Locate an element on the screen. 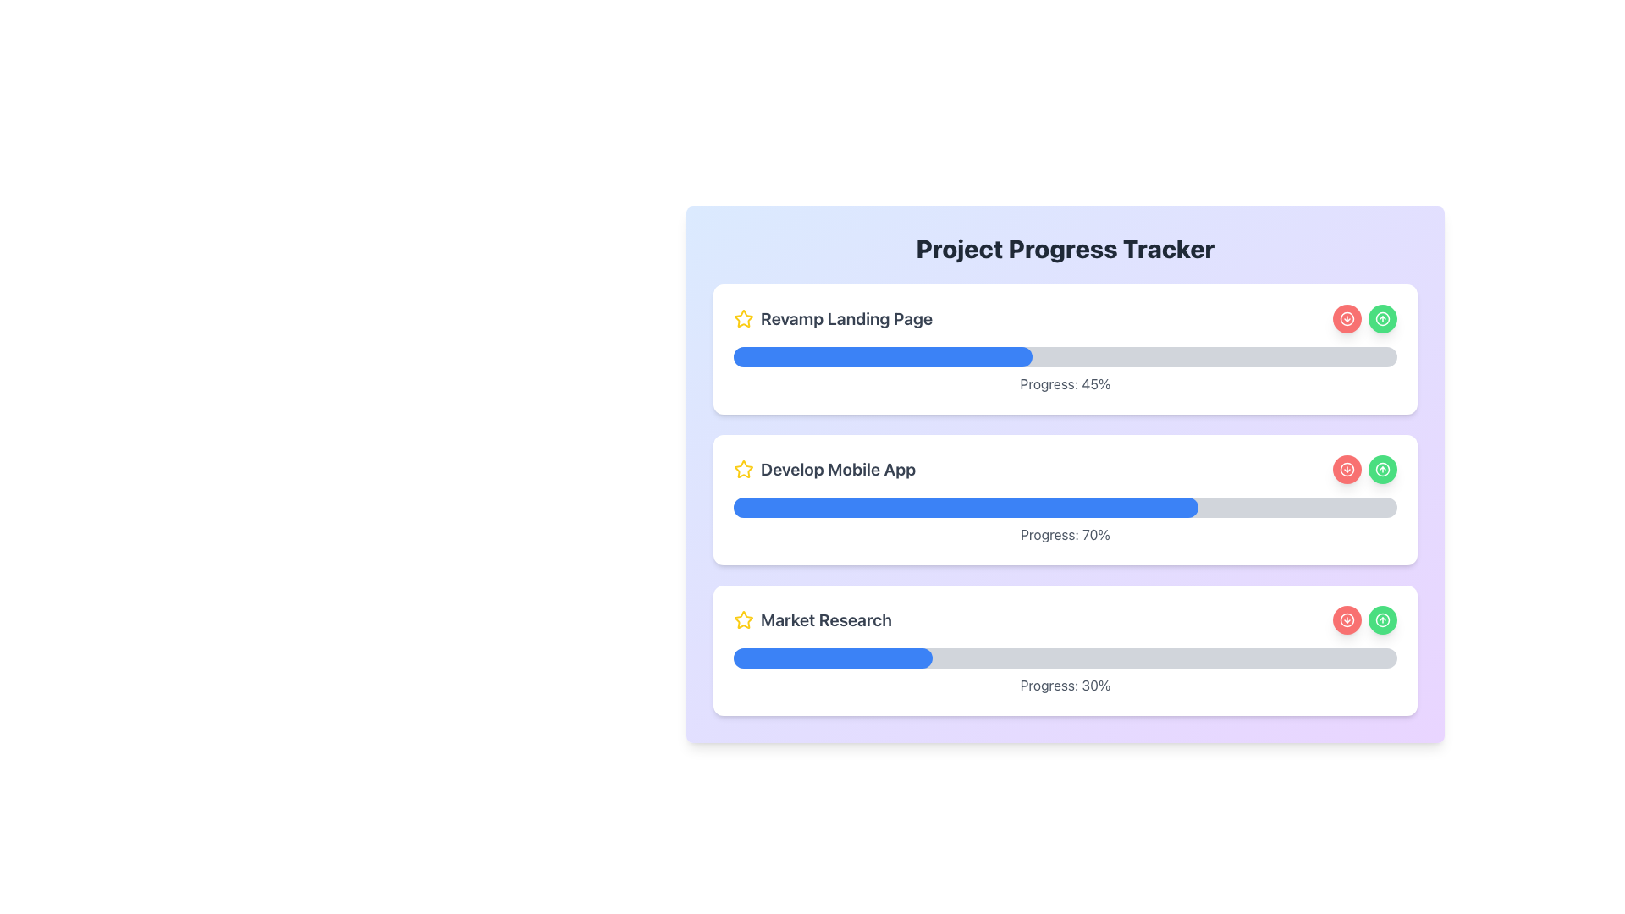  the Progress Indicator of the 'Market Research' task, which visually indicates the completion percentage using a horizontal blue bar is located at coordinates (833, 658).